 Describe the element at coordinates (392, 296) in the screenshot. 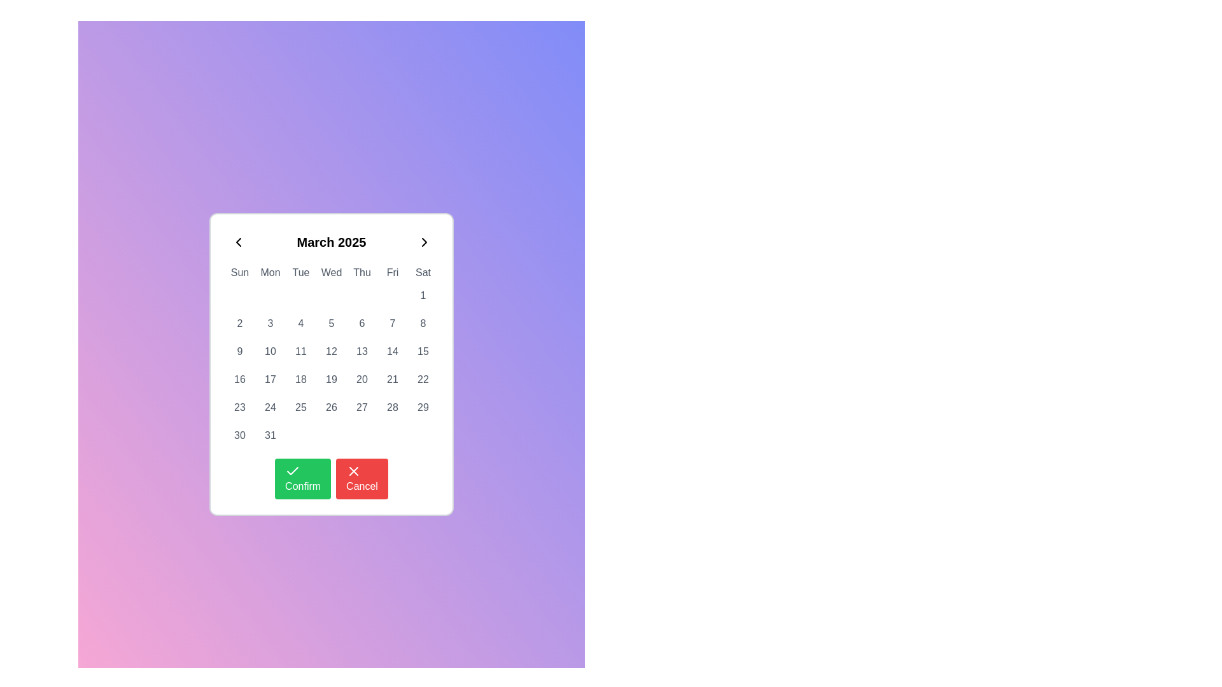

I see `small square decorative placeholder located under the 'Fri' header in the calendar grid` at that location.